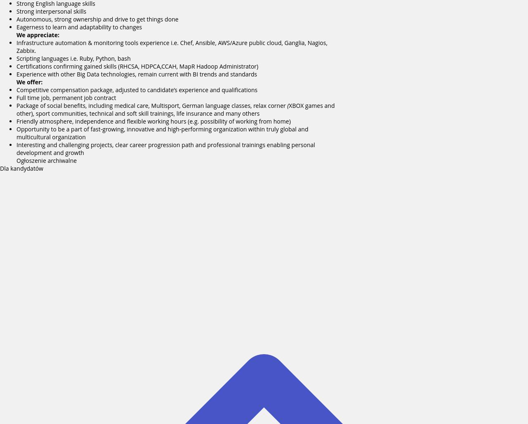 The height and width of the screenshot is (424, 528). I want to click on 'We offer:', so click(29, 81).